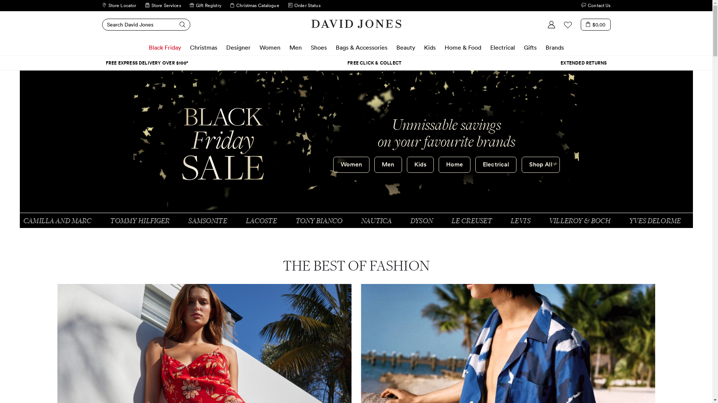  I want to click on 'Christmas Catalogue', so click(255, 6).